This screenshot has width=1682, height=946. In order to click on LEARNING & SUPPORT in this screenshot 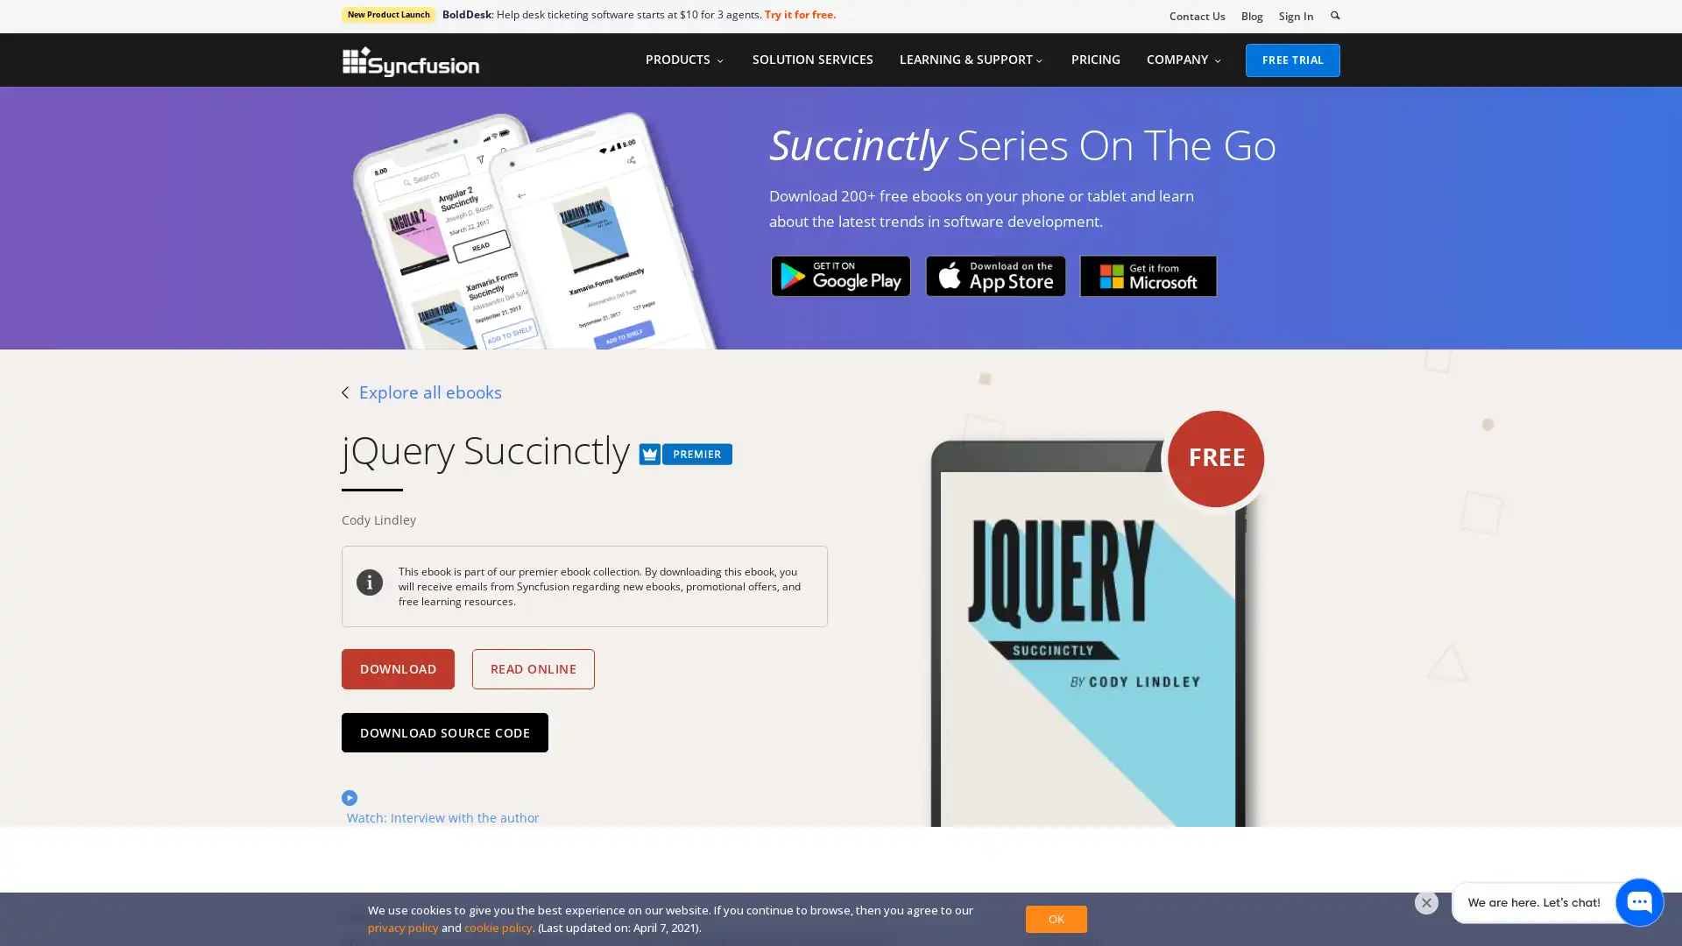, I will do `click(970, 59)`.